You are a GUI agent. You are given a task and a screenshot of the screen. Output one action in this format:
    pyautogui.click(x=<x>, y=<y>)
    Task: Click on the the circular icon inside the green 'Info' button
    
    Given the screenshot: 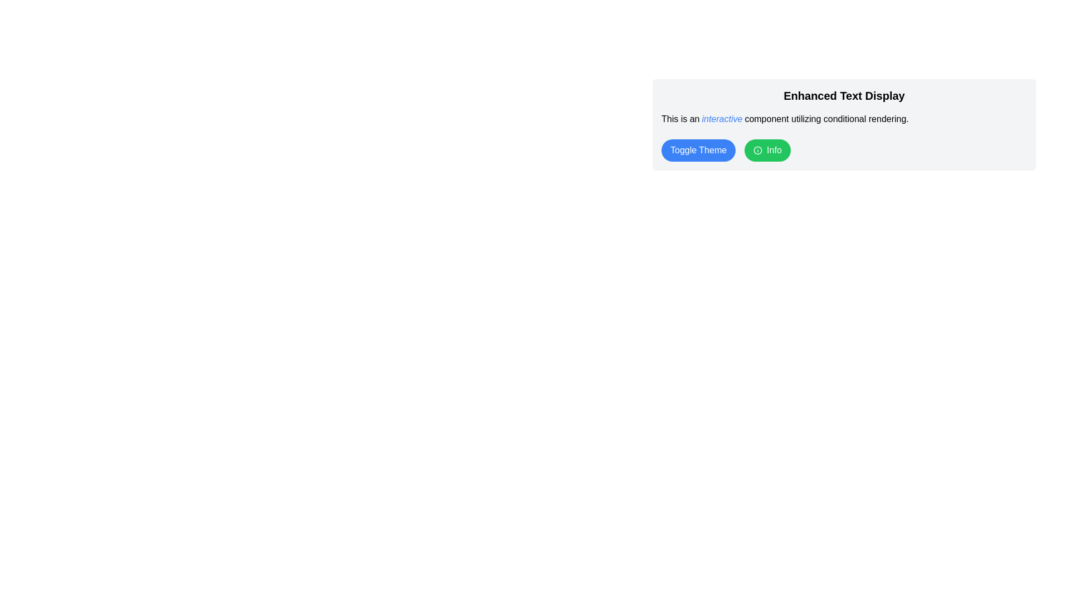 What is the action you would take?
    pyautogui.click(x=758, y=151)
    